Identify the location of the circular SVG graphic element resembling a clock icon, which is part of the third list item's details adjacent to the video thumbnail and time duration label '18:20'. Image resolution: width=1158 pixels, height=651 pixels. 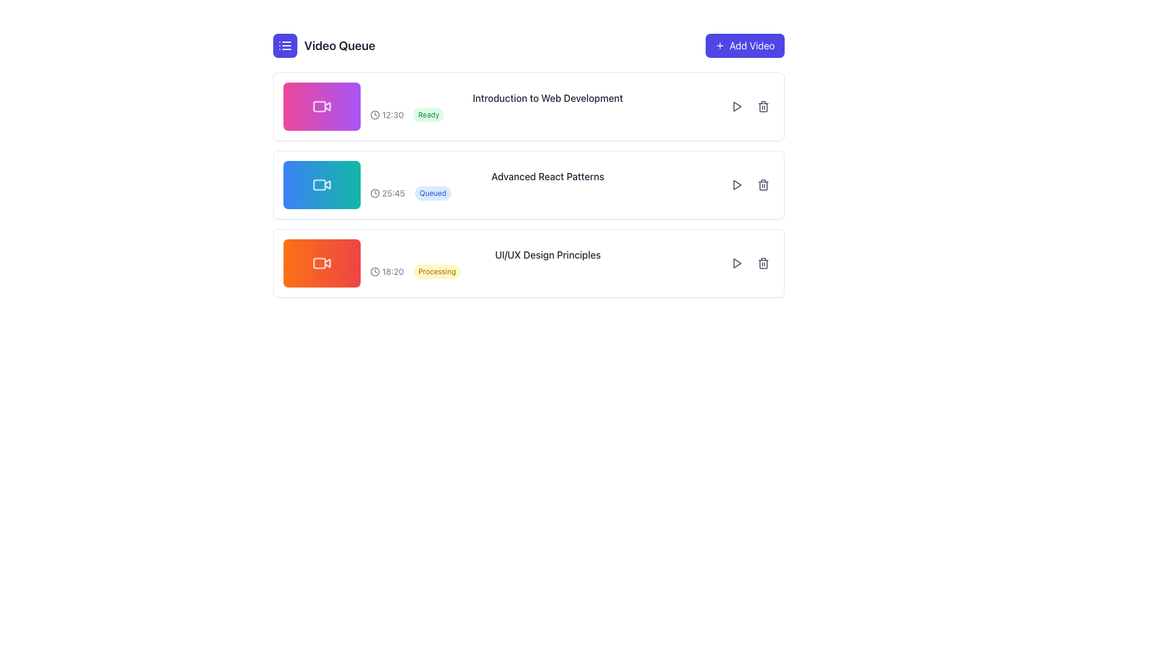
(374, 272).